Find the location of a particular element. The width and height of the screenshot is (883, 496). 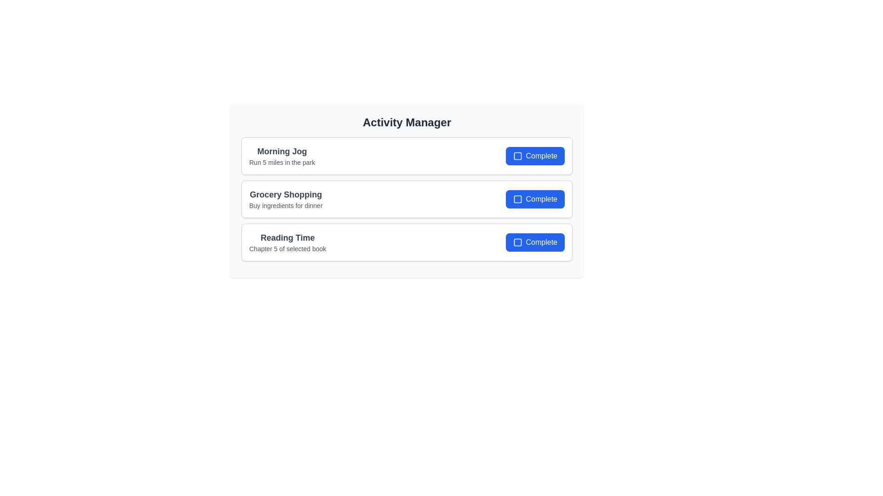

the text label within the blue button that signifies the completion action of the associated task to mark the task as complete is located at coordinates (541, 199).